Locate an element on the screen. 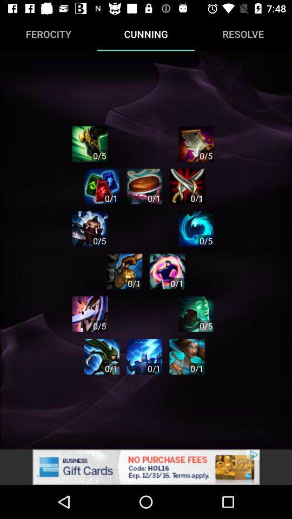  the avatar icon is located at coordinates (196, 314).